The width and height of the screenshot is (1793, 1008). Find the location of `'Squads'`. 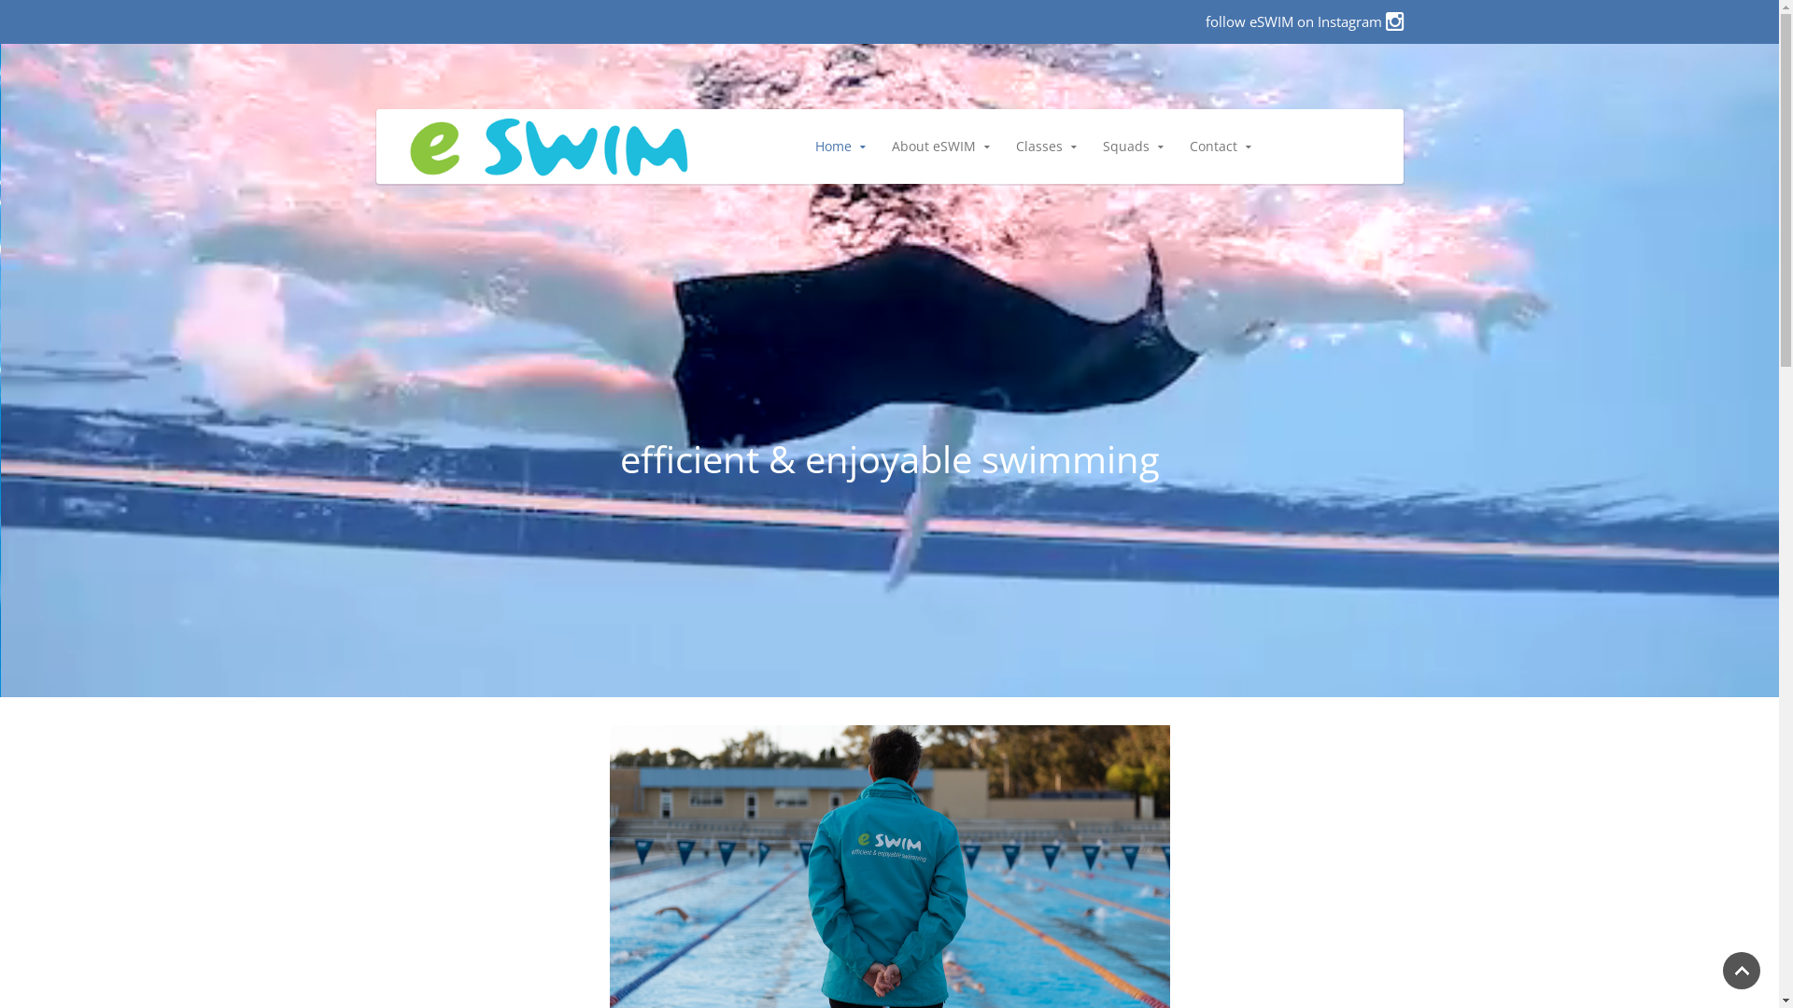

'Squads' is located at coordinates (1128, 146).